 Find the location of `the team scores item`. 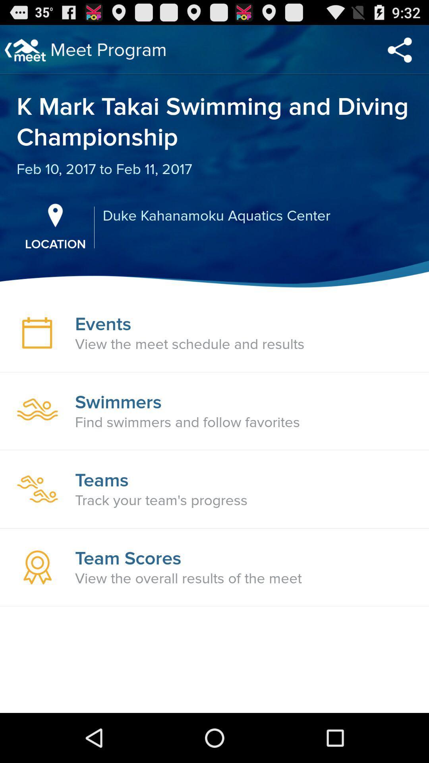

the team scores item is located at coordinates (128, 558).